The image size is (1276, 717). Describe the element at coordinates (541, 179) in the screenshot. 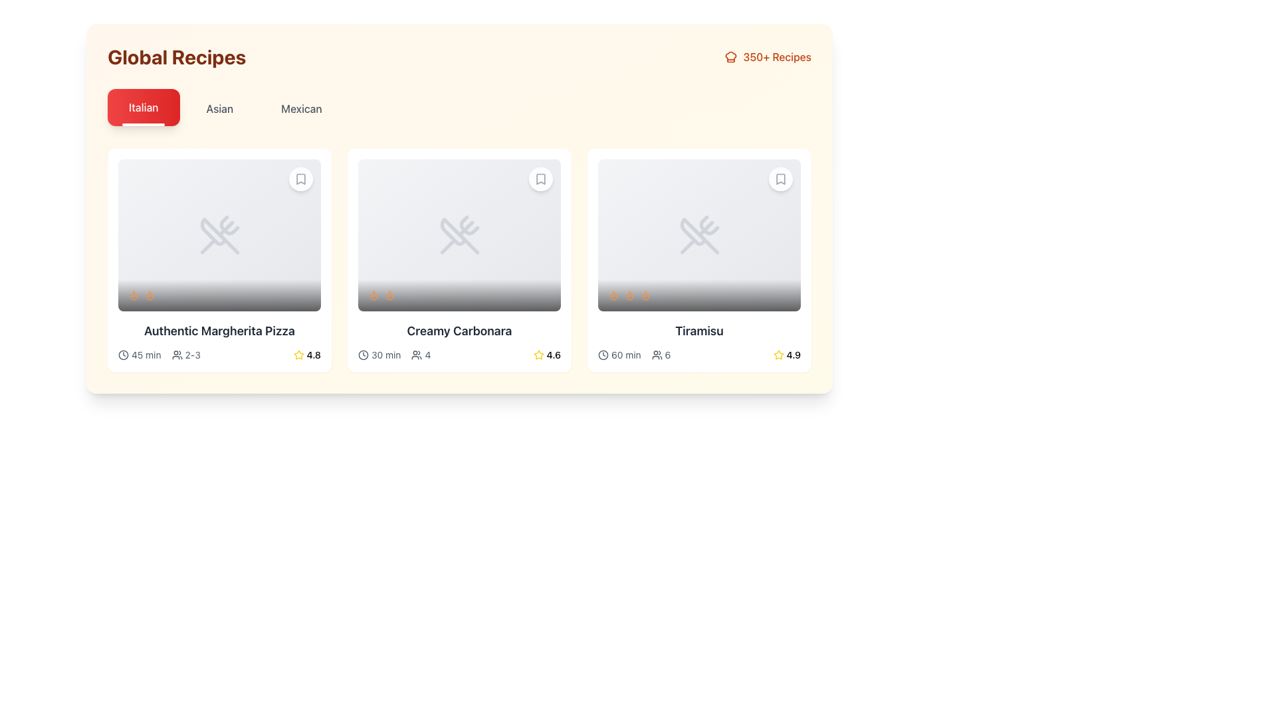

I see `the bookmark icon in the top-right corner of the 'Creamy Carbonara' recipe card` at that location.